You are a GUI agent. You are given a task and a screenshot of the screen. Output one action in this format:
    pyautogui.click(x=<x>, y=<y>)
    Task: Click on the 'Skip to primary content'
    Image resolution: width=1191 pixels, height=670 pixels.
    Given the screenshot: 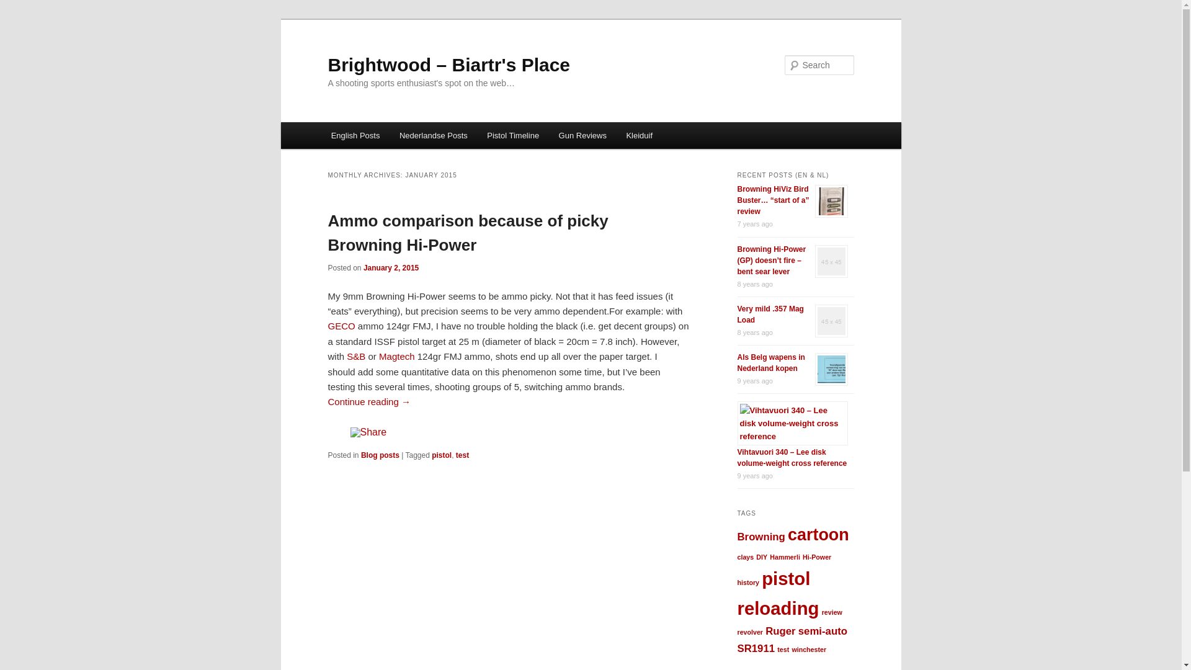 What is the action you would take?
    pyautogui.click(x=339, y=122)
    